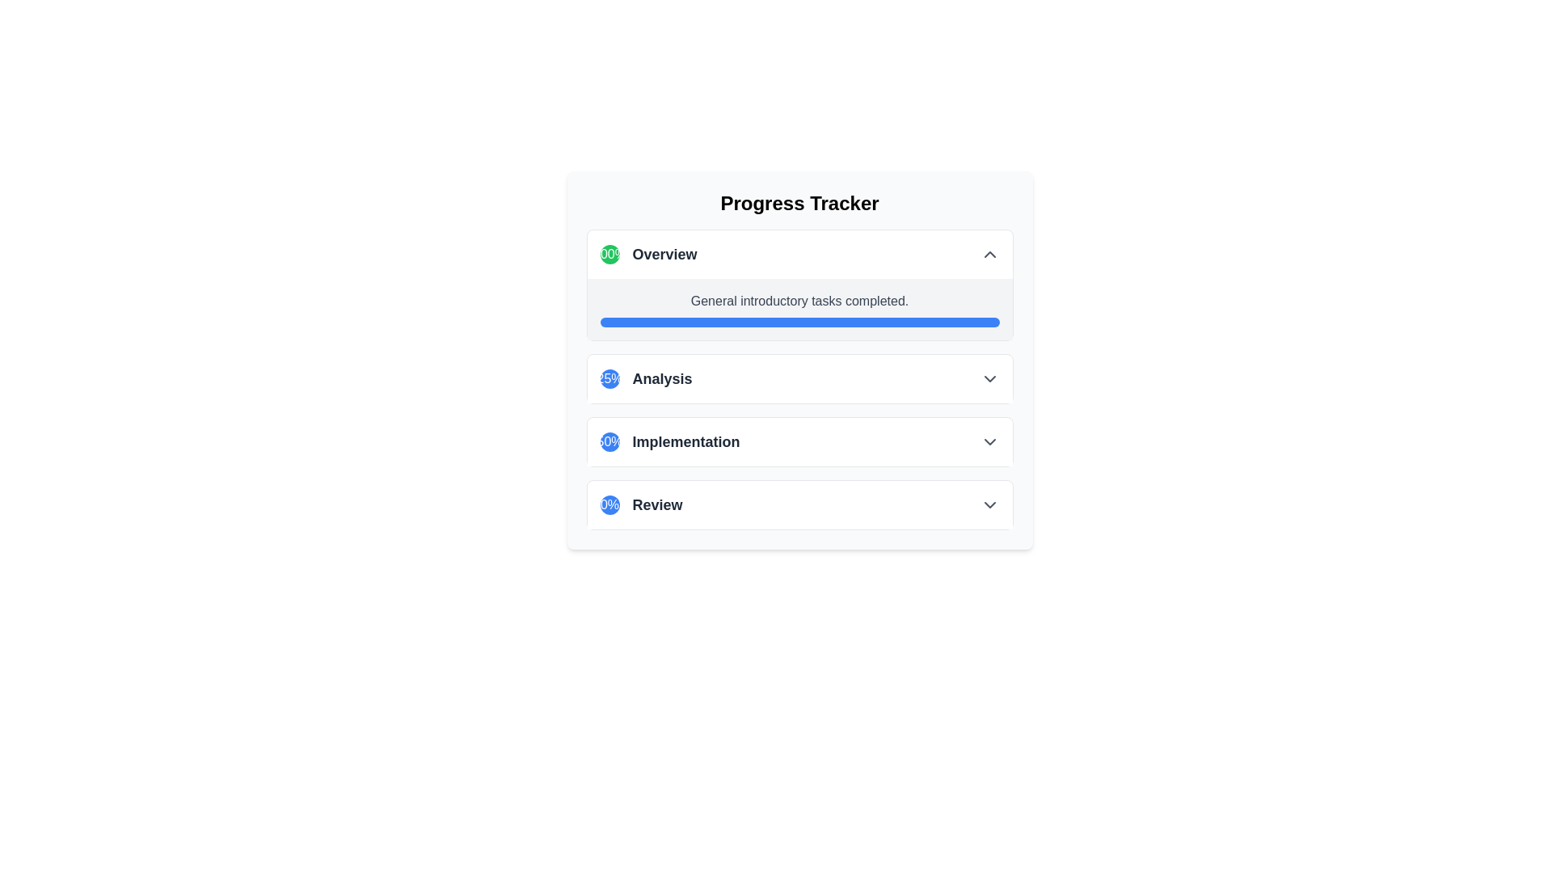  Describe the element at coordinates (609, 255) in the screenshot. I see `the decorative badge displaying '100%' that is located to the left of the 'Overview' label within the 'Progress Tracker' card` at that location.